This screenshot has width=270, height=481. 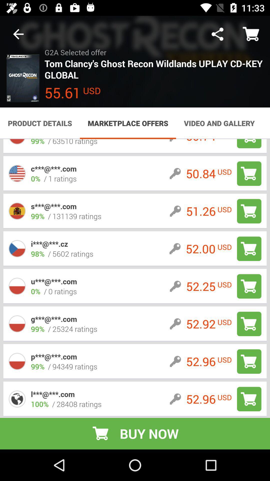 What do you see at coordinates (249, 173) in the screenshot?
I see `to shopping cart` at bounding box center [249, 173].